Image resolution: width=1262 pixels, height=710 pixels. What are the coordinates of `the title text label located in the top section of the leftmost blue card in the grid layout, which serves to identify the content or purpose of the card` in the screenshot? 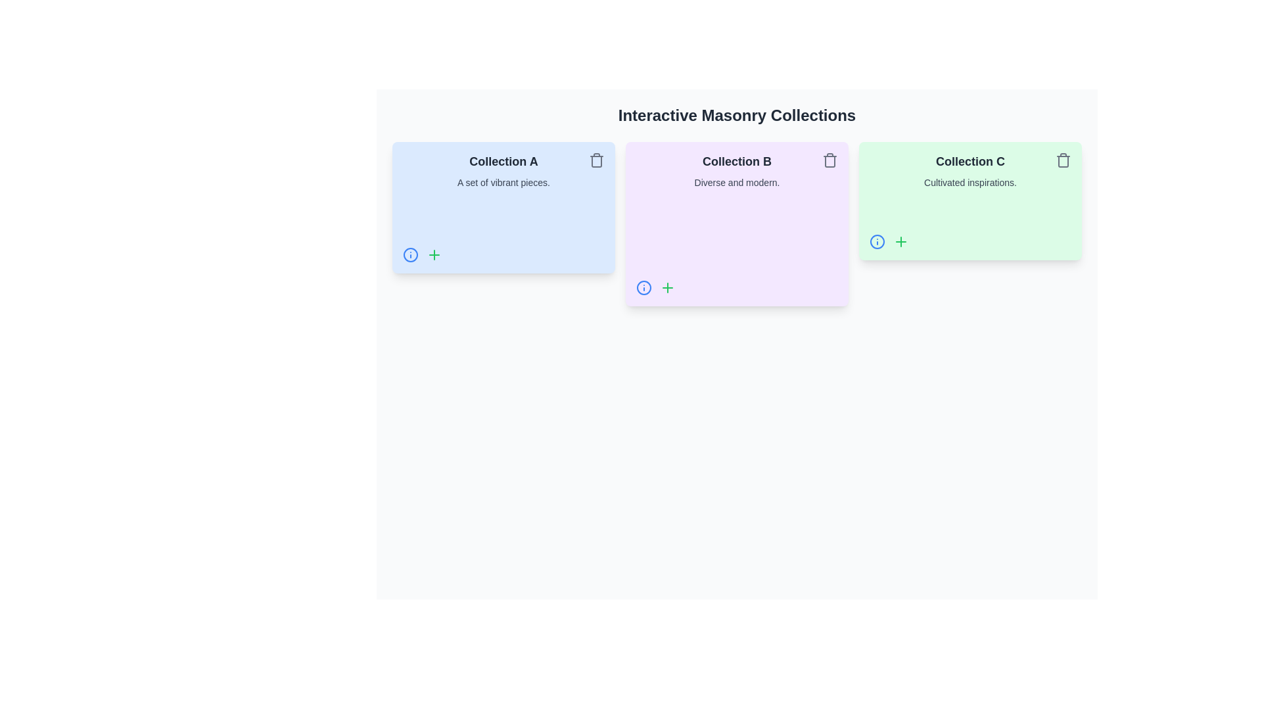 It's located at (503, 161).